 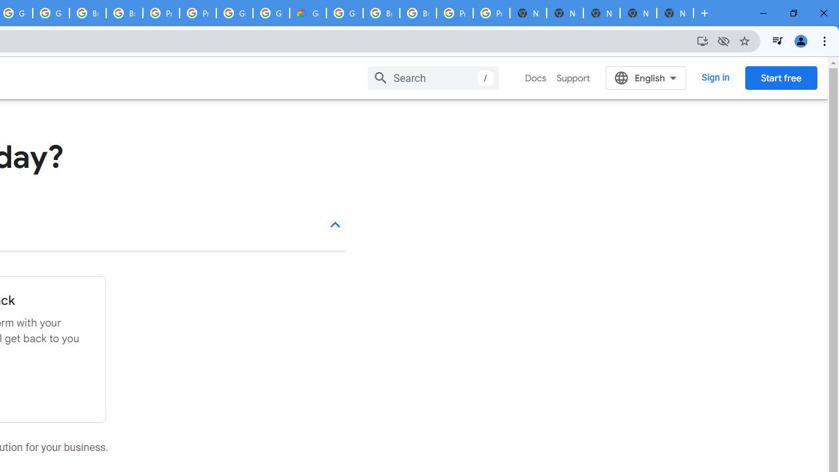 What do you see at coordinates (702, 40) in the screenshot?
I see `'Install Google Cloud'` at bounding box center [702, 40].